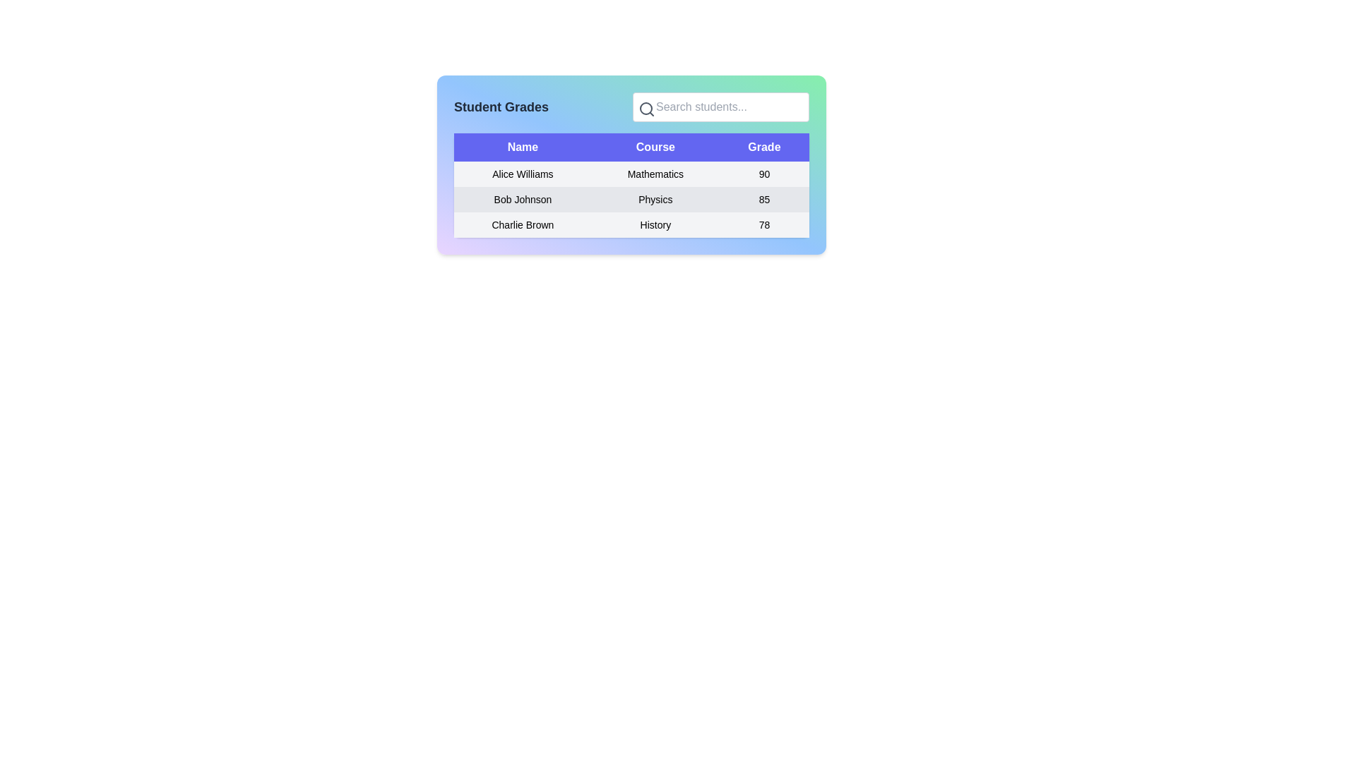 The height and width of the screenshot is (762, 1356). I want to click on the static text label displaying 'Mathematics' located under the 'Course' column in the row for 'Alice Williams', so click(655, 173).